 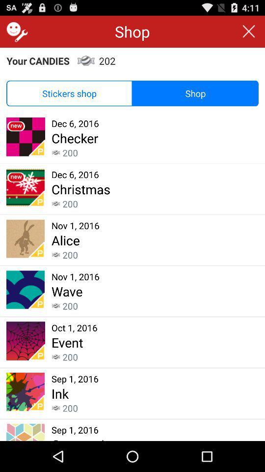 I want to click on profile editing, so click(x=15, y=31).